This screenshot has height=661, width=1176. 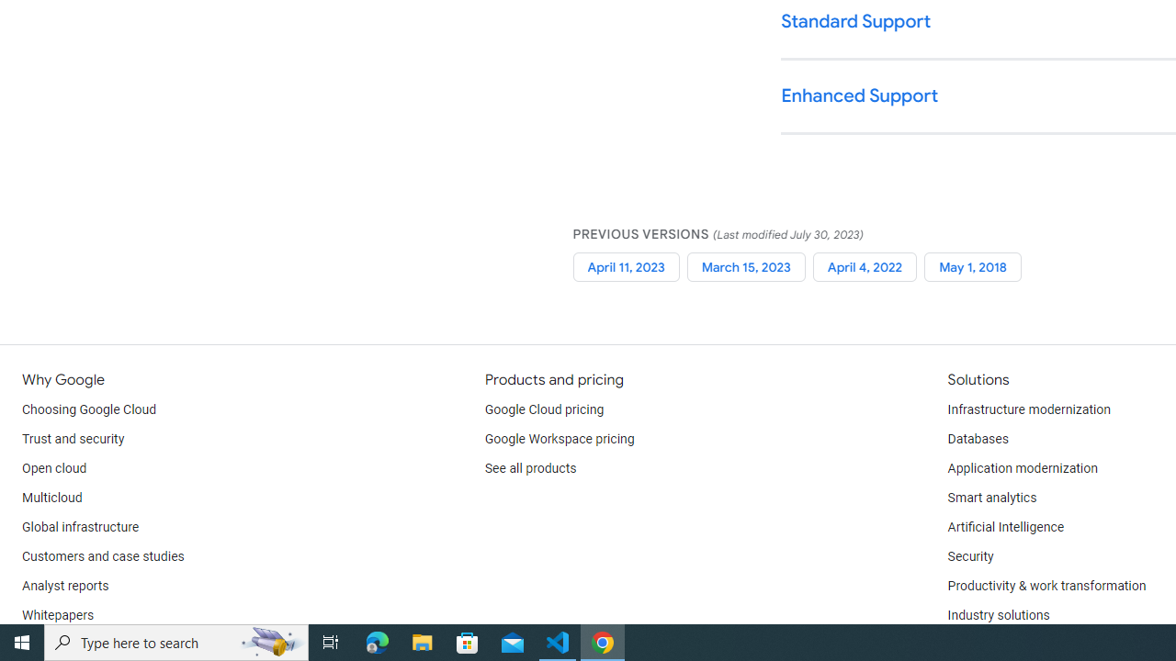 I want to click on 'April 11, 2023', so click(x=626, y=266).